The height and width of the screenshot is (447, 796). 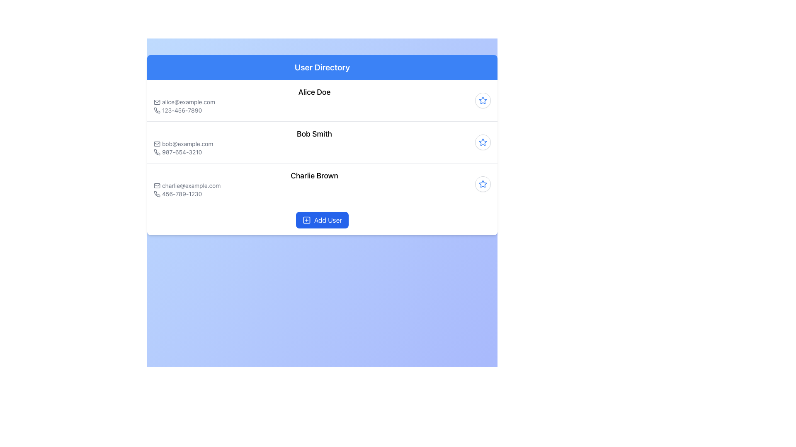 I want to click on the text label displaying 'Charlie Brown', which identifies a user in the User Directory list, so click(x=314, y=175).